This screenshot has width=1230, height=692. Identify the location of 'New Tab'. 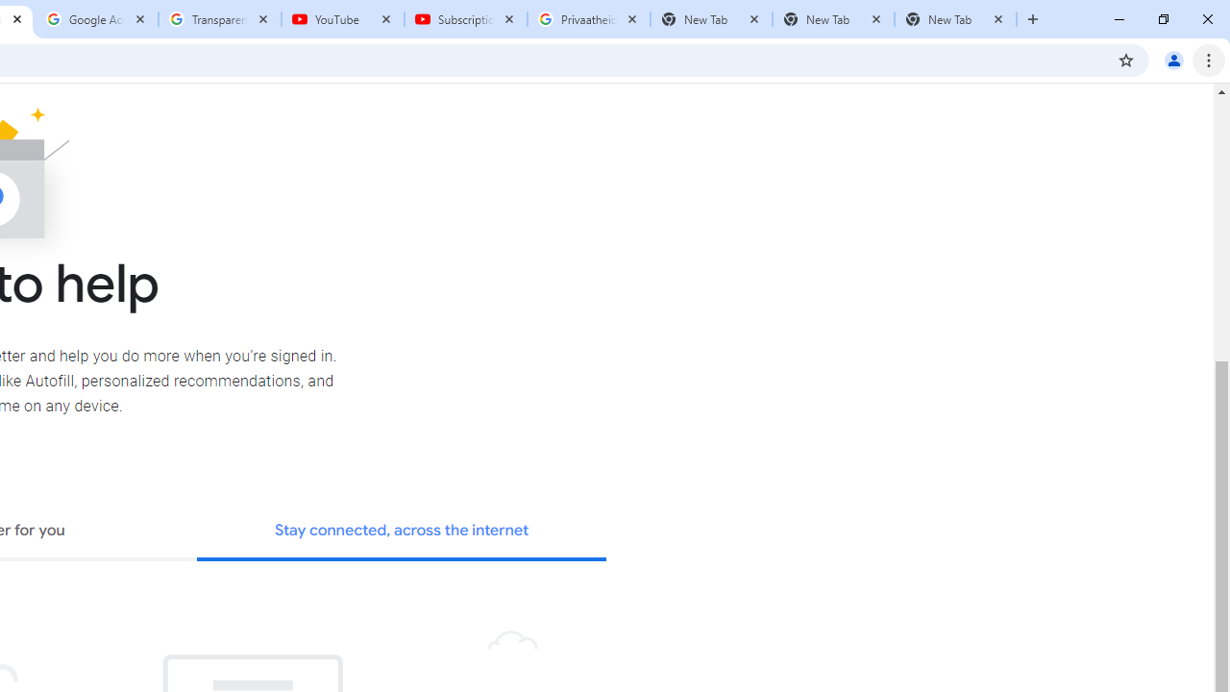
(955, 19).